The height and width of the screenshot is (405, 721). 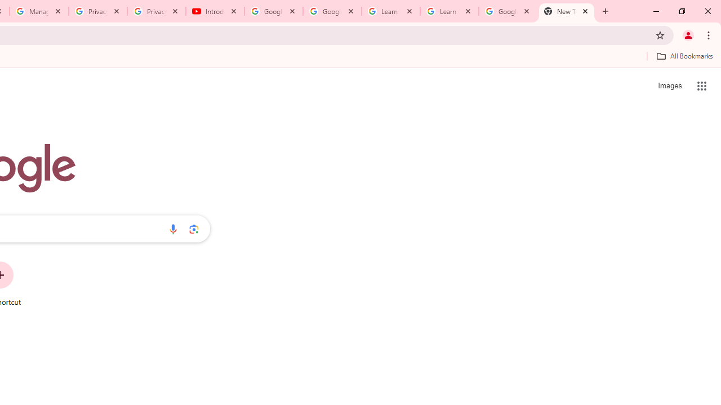 What do you see at coordinates (681, 11) in the screenshot?
I see `'Restore'` at bounding box center [681, 11].